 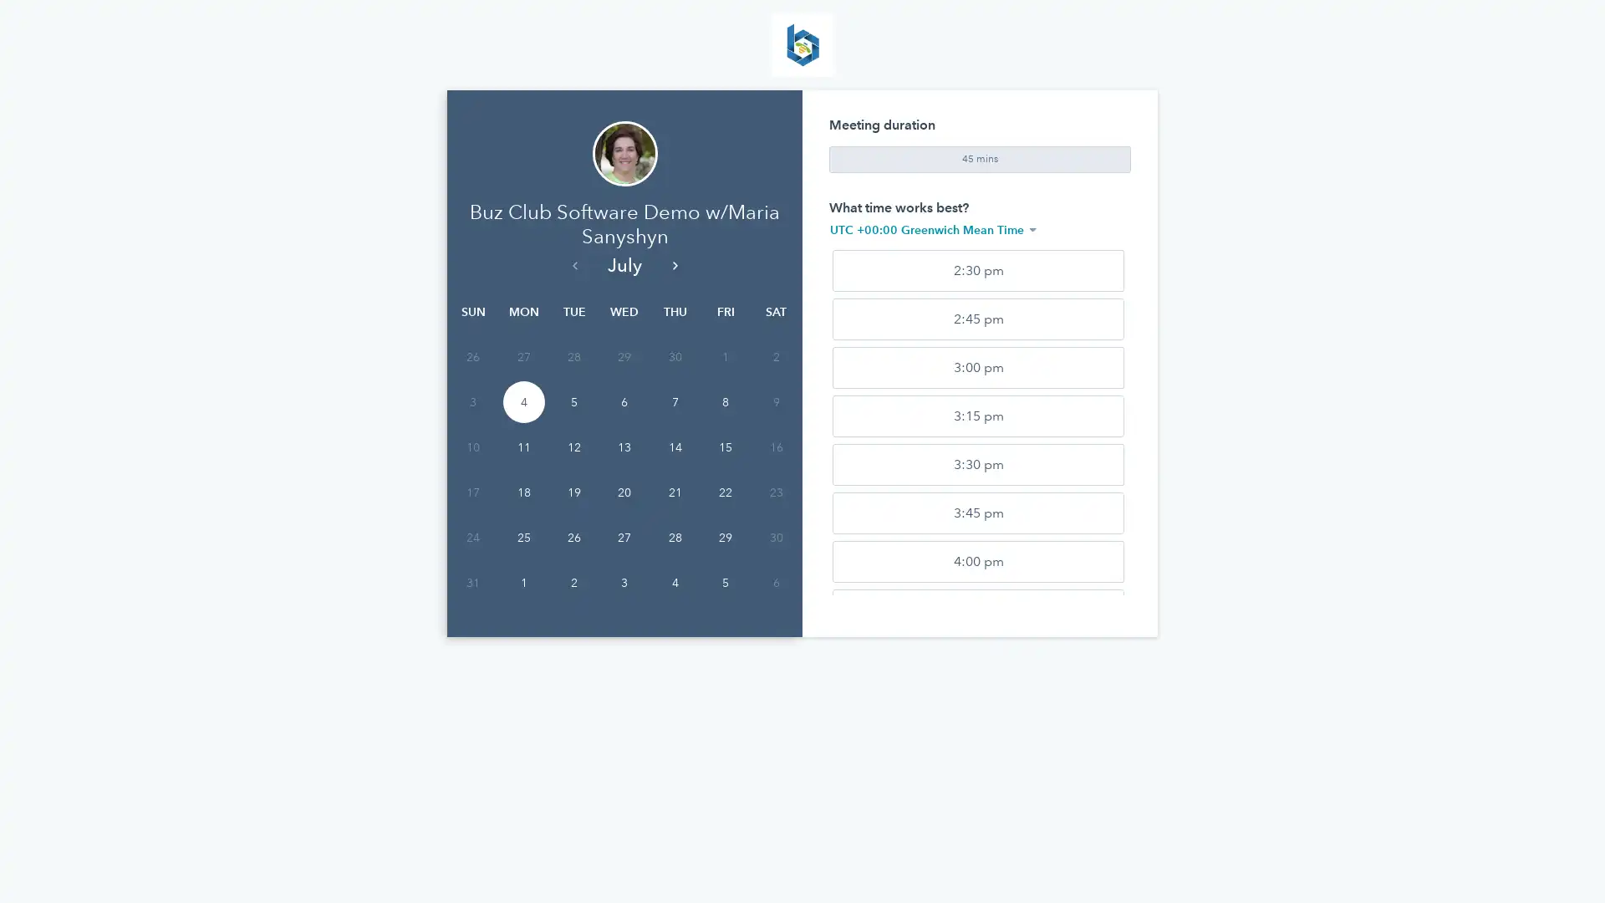 I want to click on July 3rd, so click(x=472, y=402).